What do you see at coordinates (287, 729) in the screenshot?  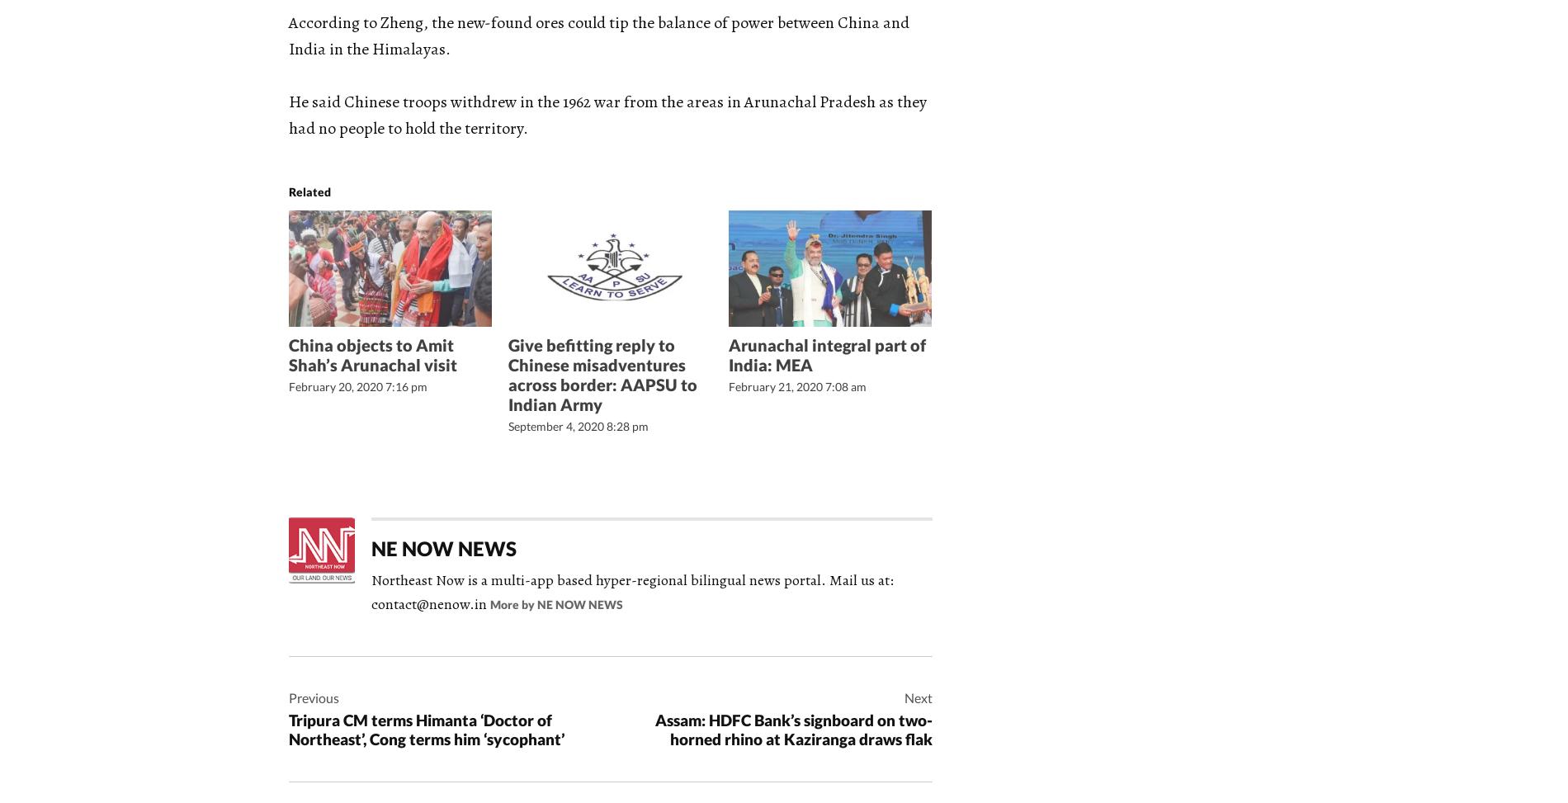 I see `'Tripura CM terms Himanta ‘Doctor of Northeast’, Cong terms him ‘sycophant’'` at bounding box center [287, 729].